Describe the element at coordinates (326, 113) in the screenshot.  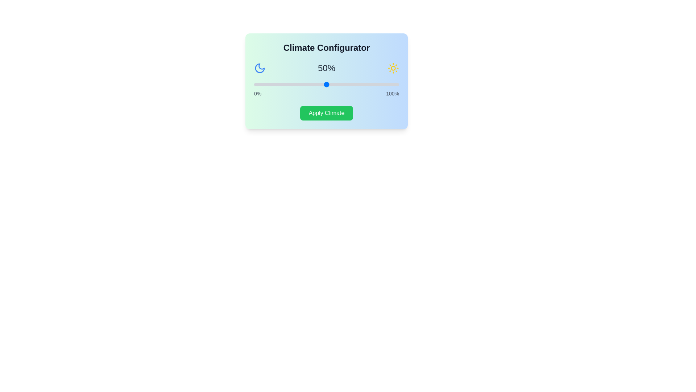
I see `the 'Apply Climate' button to apply the selected climate settings` at that location.